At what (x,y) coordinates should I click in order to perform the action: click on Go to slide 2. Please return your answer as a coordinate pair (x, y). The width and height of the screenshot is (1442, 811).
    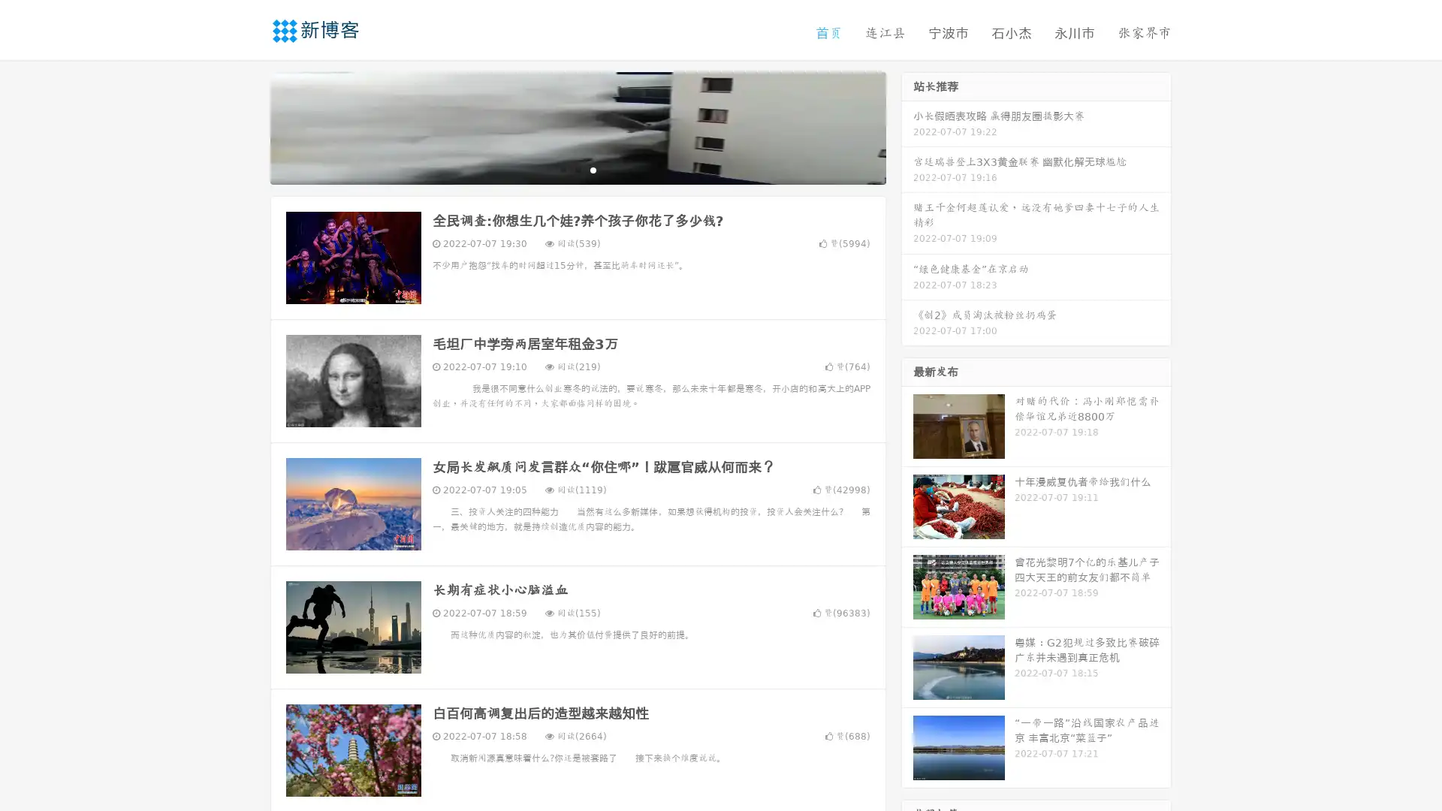
    Looking at the image, I should click on (577, 169).